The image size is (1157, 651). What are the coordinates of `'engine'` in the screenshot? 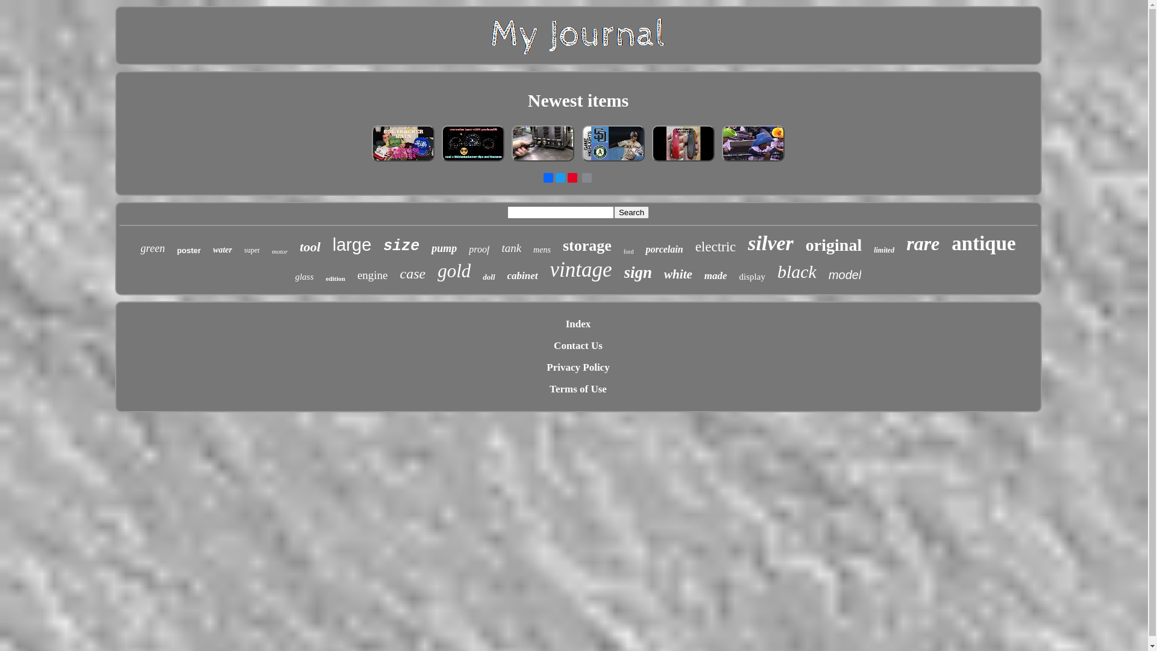 It's located at (357, 275).